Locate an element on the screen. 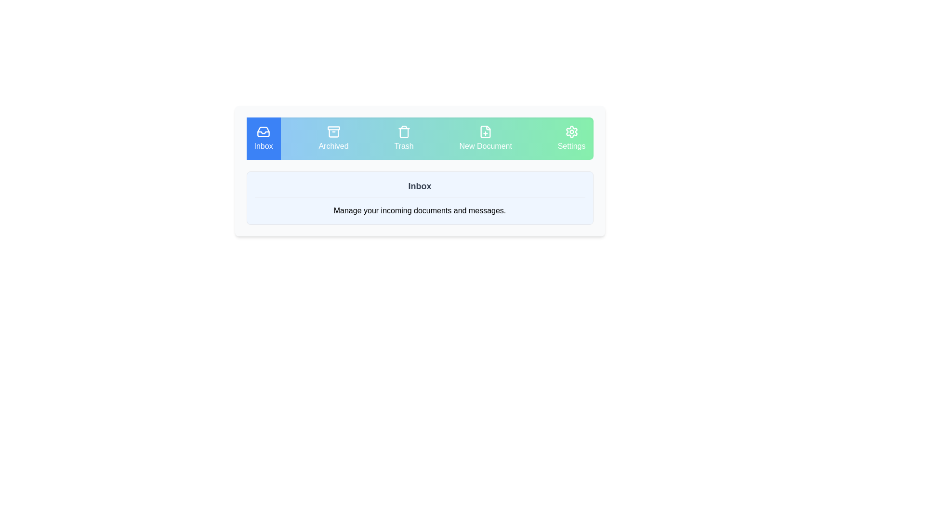 The height and width of the screenshot is (520, 925). the tab labeled Inbox to observe its highlighted styling is located at coordinates (264, 139).